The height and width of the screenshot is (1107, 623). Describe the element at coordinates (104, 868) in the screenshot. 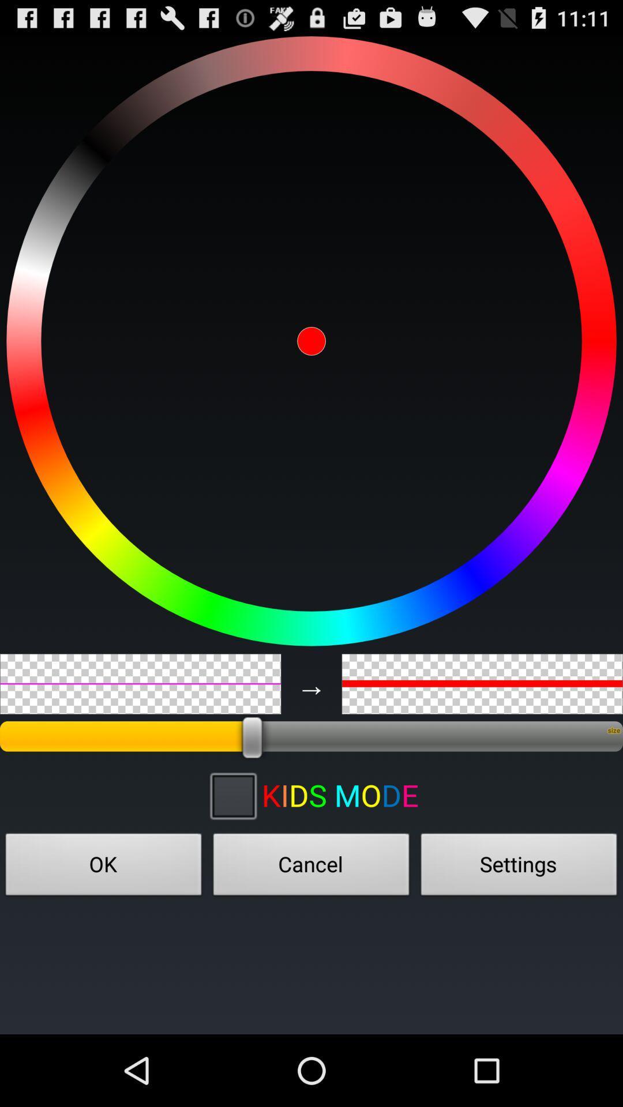

I see `the icon to the left of cancel item` at that location.